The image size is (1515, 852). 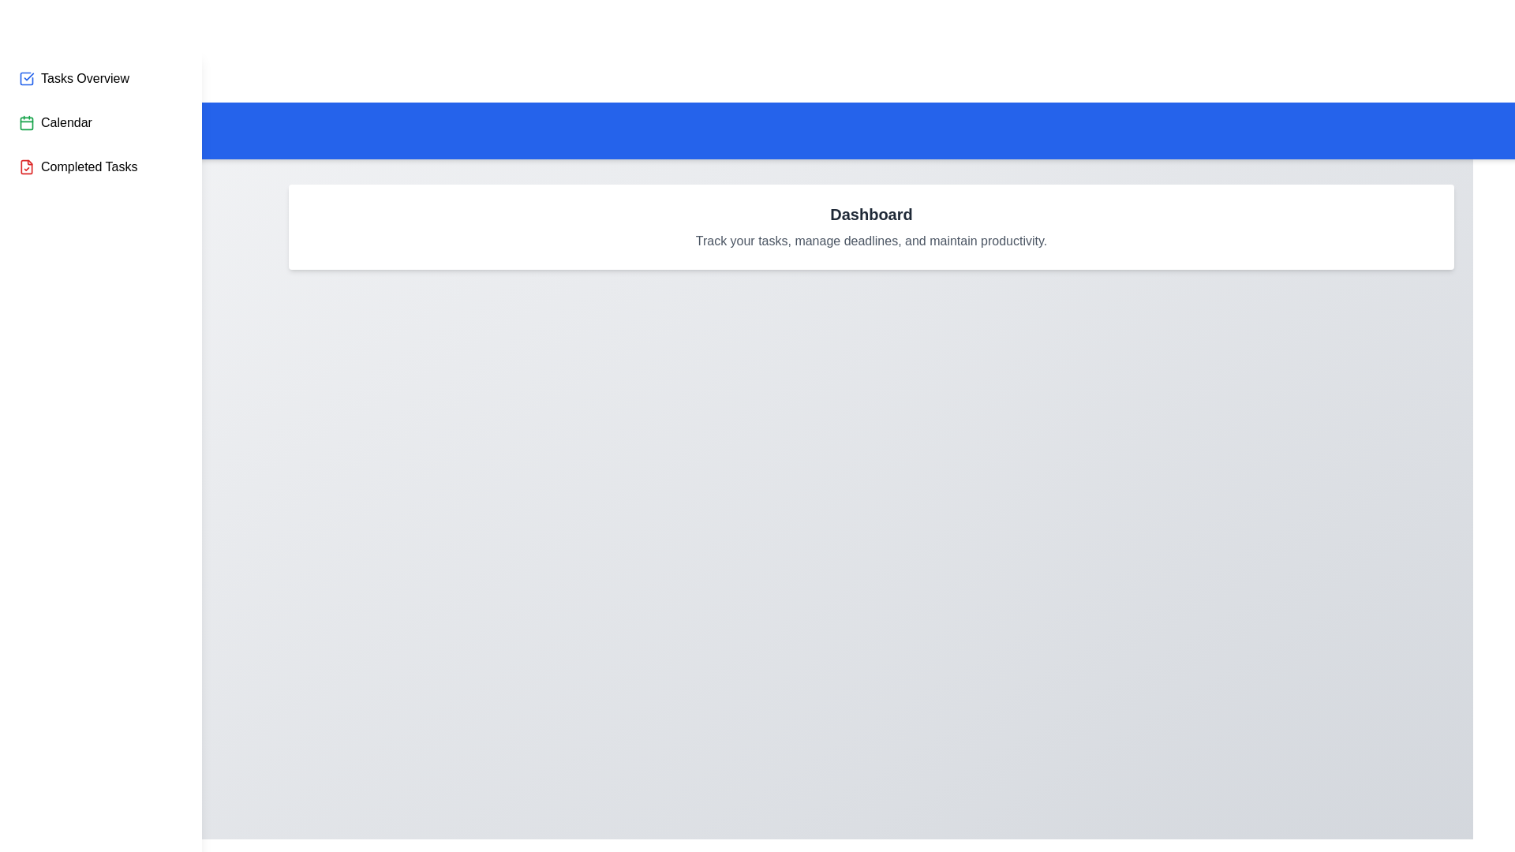 What do you see at coordinates (26, 121) in the screenshot?
I see `the SVG graphical element of the 'Calendar' navigation button located in the left sidebar navigation panel, positioned centrally within the icon` at bounding box center [26, 121].